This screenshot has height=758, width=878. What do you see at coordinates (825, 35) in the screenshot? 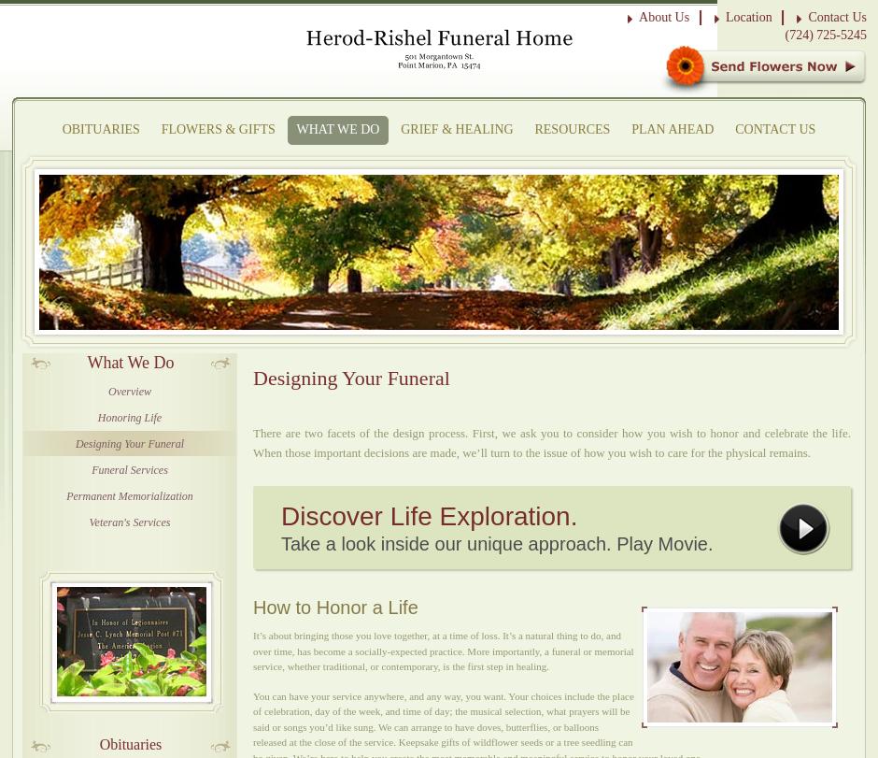
I see `'(724) 725-5245'` at bounding box center [825, 35].